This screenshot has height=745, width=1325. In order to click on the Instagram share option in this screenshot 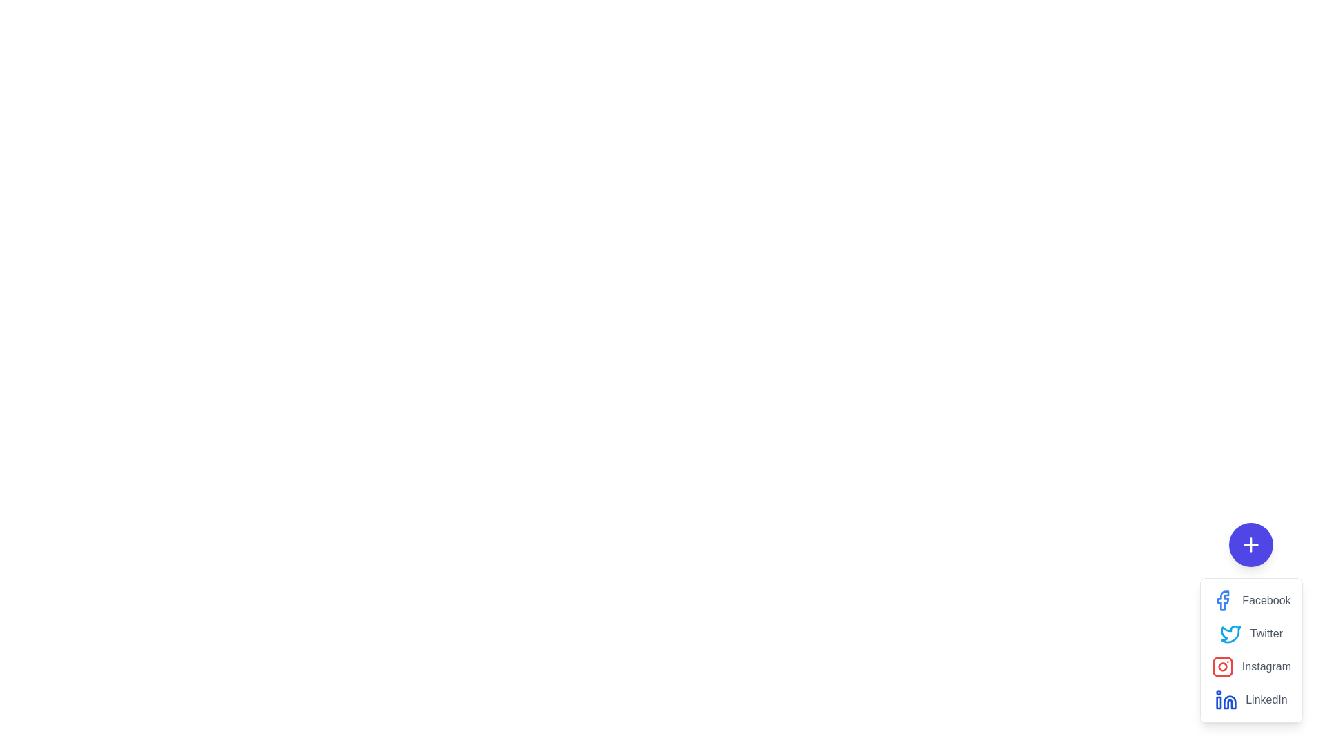, I will do `click(1222, 666)`.